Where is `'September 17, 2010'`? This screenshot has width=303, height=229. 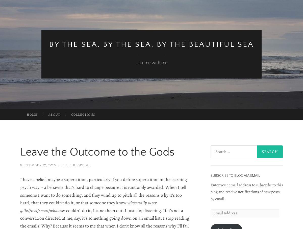 'September 17, 2010' is located at coordinates (38, 165).